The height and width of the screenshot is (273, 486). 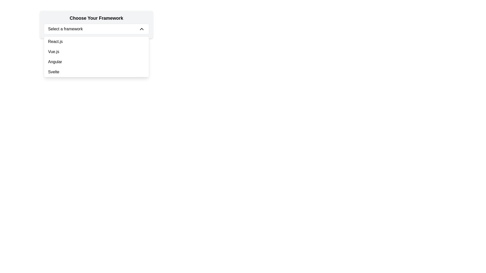 What do you see at coordinates (96, 72) in the screenshot?
I see `the 'Svelte' item in the dropdown menu` at bounding box center [96, 72].